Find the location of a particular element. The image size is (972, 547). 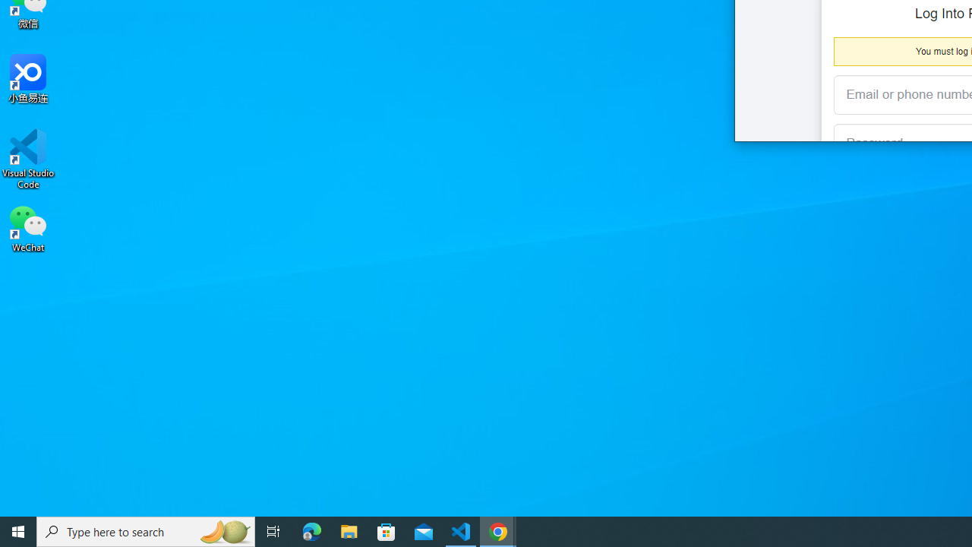

'Search highlights icon opens search home window' is located at coordinates (223, 530).